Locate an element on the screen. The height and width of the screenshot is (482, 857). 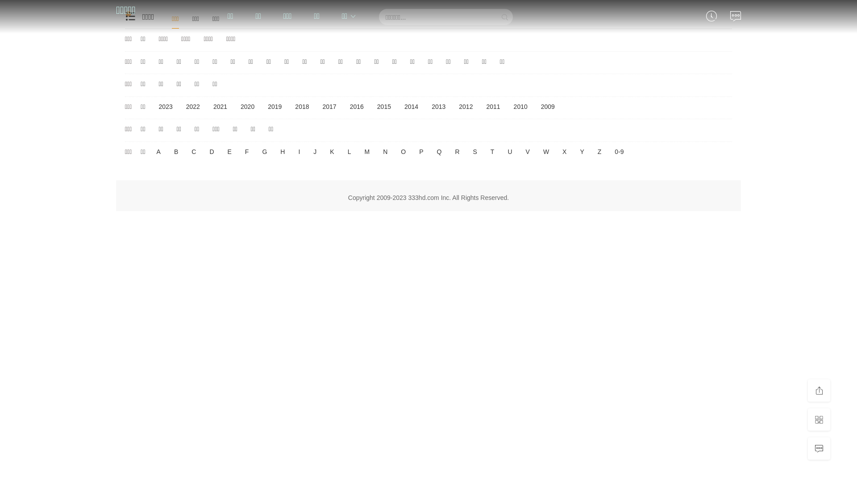
'Q' is located at coordinates (439, 151).